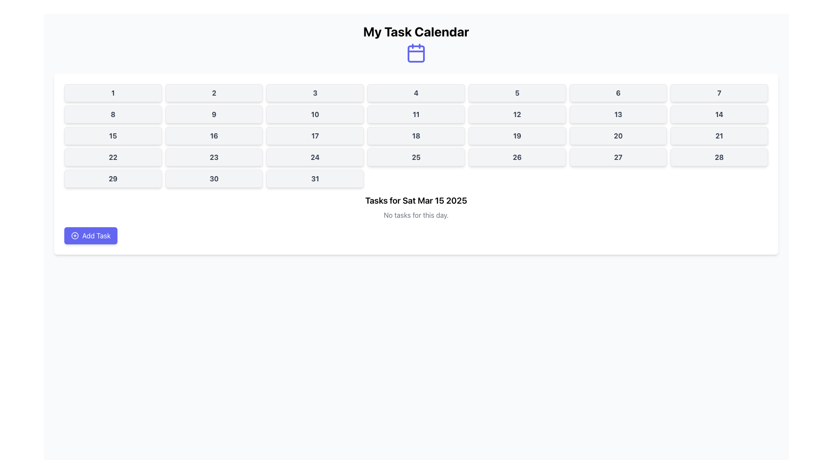 This screenshot has height=463, width=823. What do you see at coordinates (416, 135) in the screenshot?
I see `the button displaying the number '18' in bold, center-aligned, dark gray font` at bounding box center [416, 135].